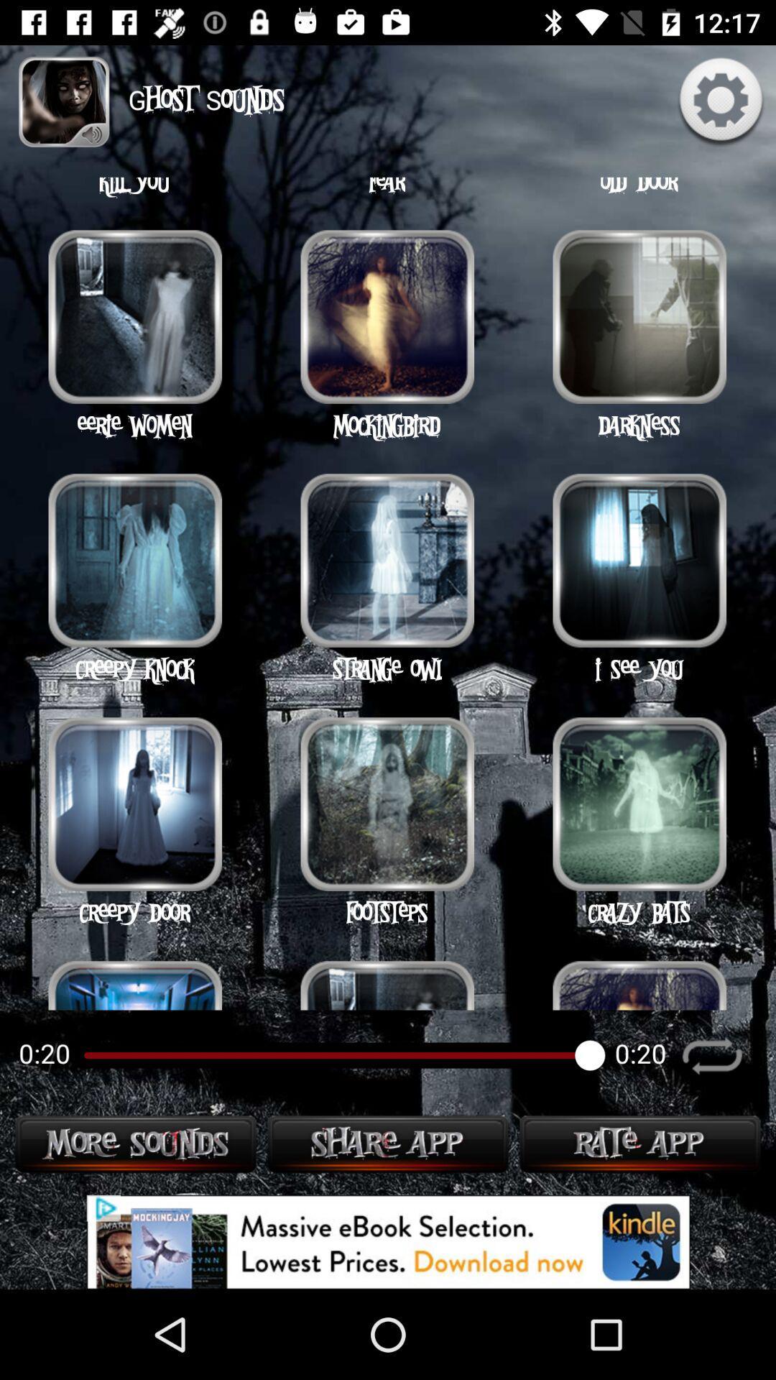 This screenshot has width=776, height=1380. What do you see at coordinates (388, 1241) in the screenshot?
I see `advertisement` at bounding box center [388, 1241].